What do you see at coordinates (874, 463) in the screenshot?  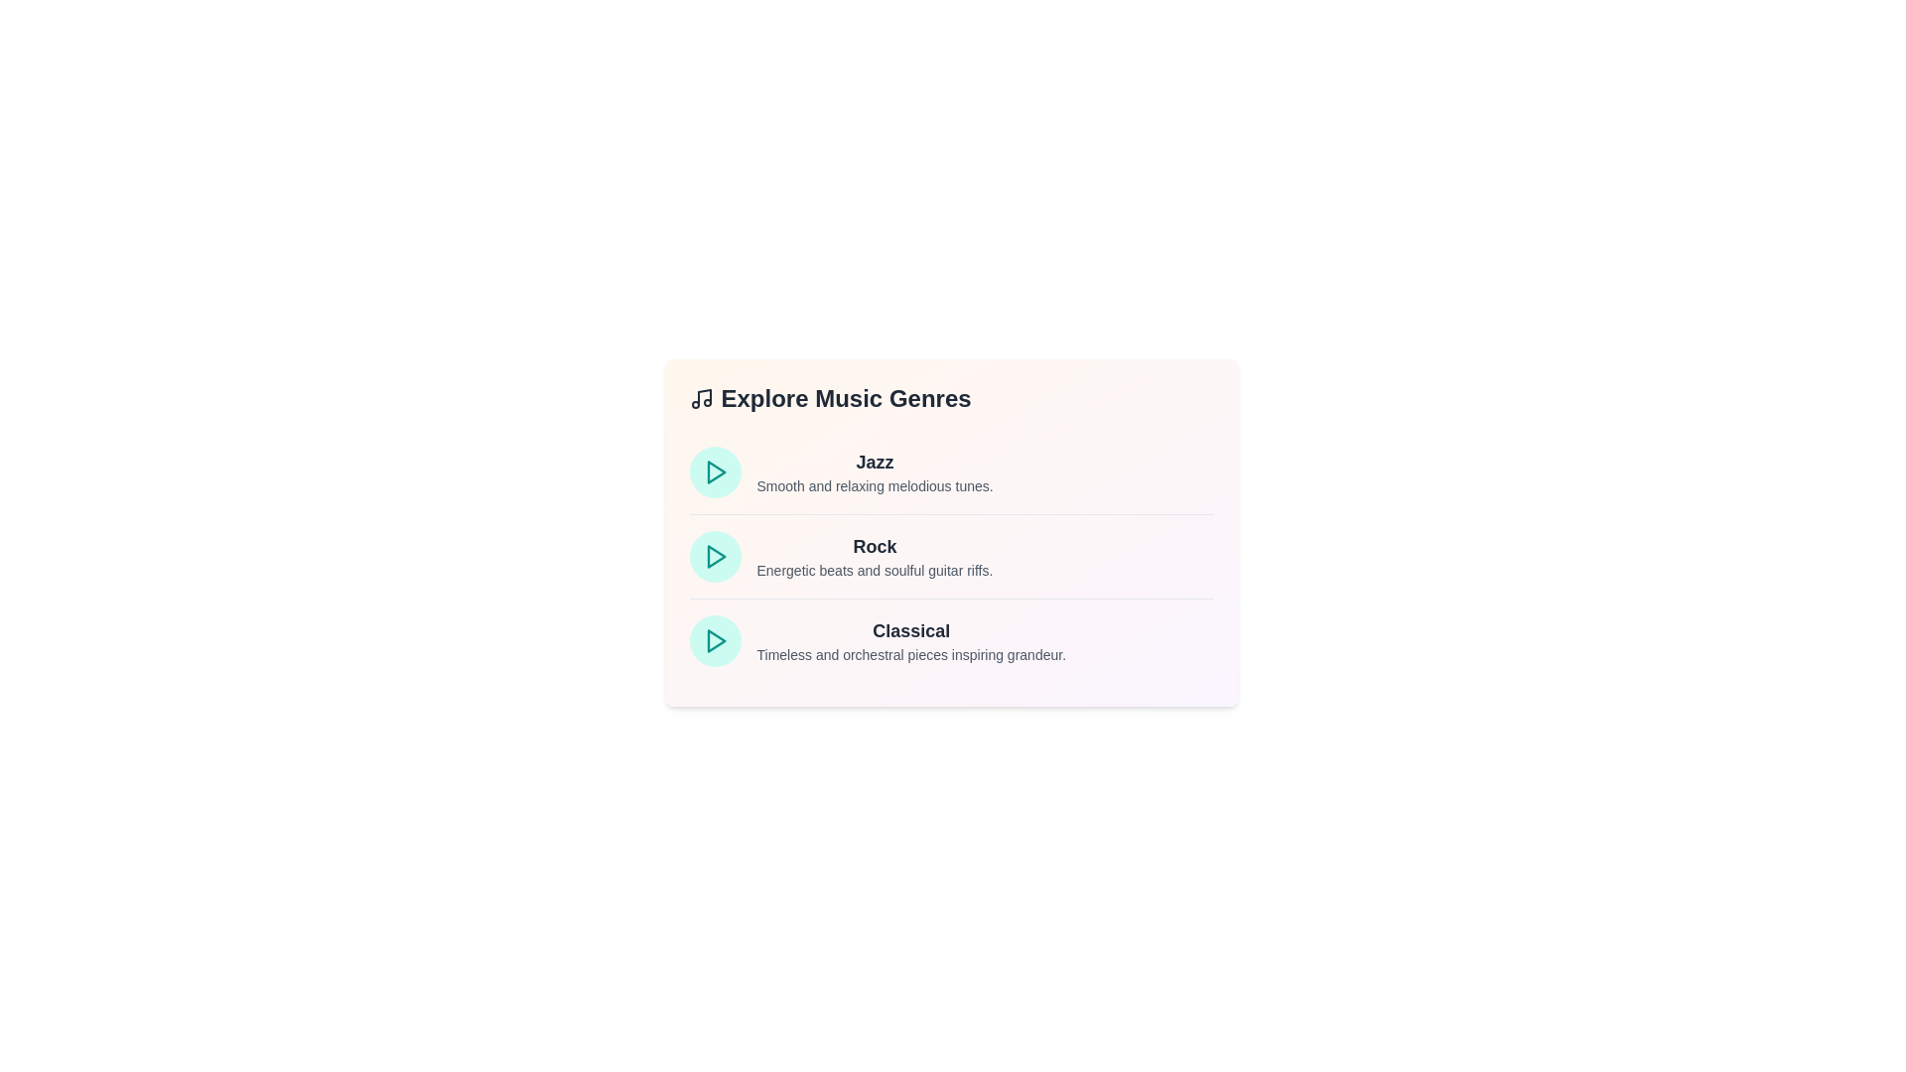 I see `the genre name Jazz to view its tooltip` at bounding box center [874, 463].